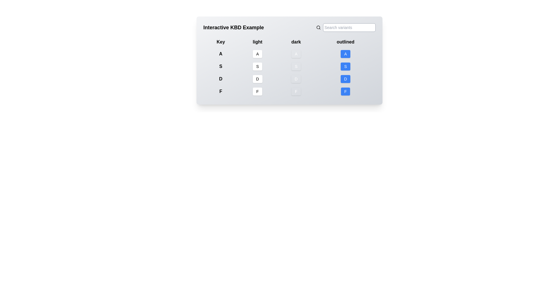  What do you see at coordinates (345, 91) in the screenshot?
I see `the blue button with rounded corners and the letter 'F' in white text, which is the fourth button in the outlined column located at the bottom right of the layout` at bounding box center [345, 91].